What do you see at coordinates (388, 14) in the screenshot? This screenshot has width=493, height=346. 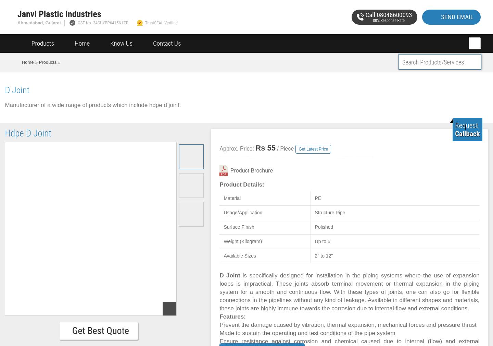 I see `'Call 08048600093'` at bounding box center [388, 14].